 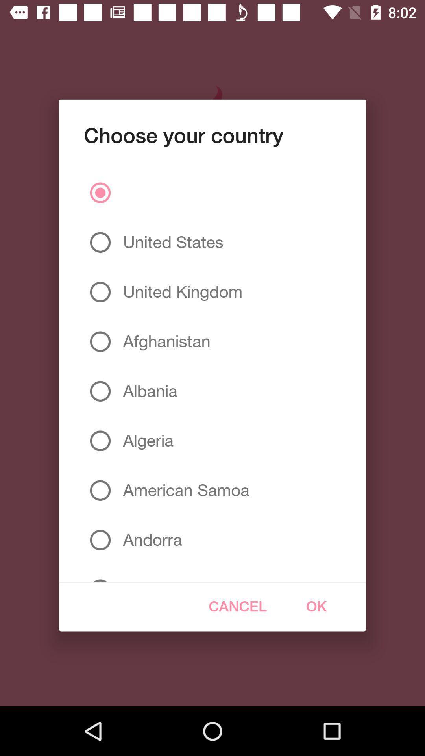 What do you see at coordinates (145, 573) in the screenshot?
I see `angola` at bounding box center [145, 573].